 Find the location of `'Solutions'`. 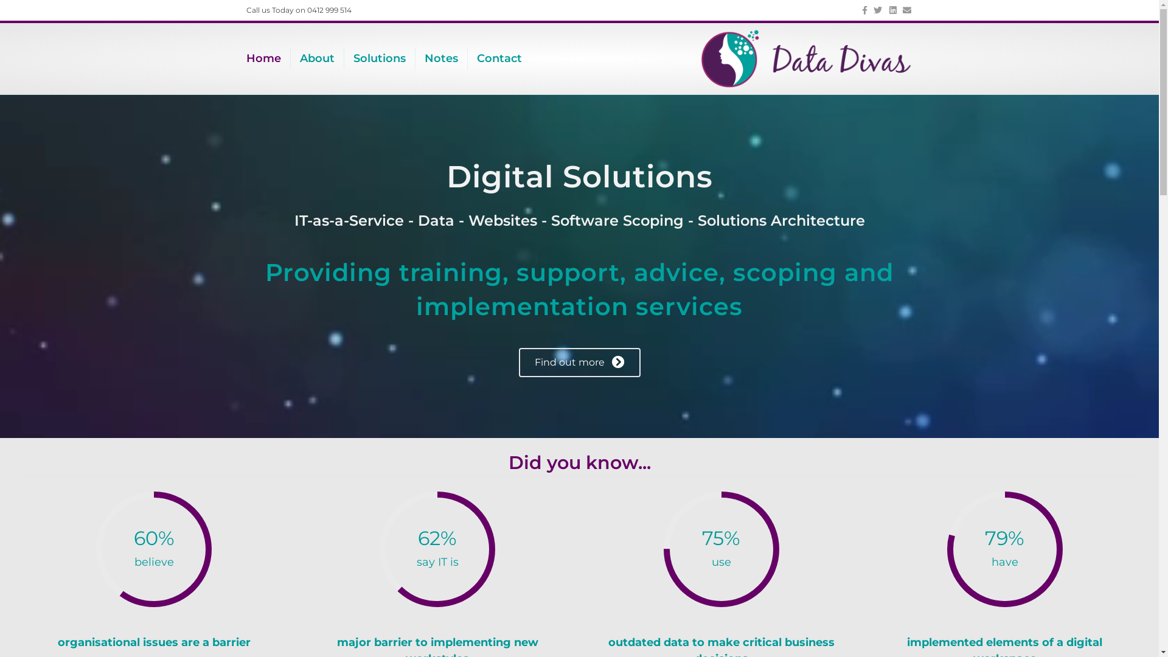

'Solutions' is located at coordinates (379, 58).